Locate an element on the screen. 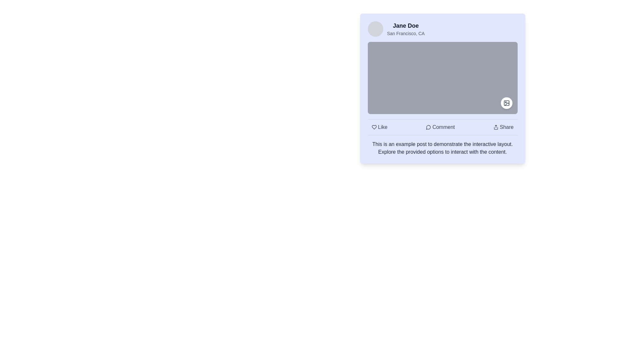  the text label that describes the action of sharing a post, located at the bottom-right corner of the post block, adjacent to the share icon is located at coordinates (506, 127).